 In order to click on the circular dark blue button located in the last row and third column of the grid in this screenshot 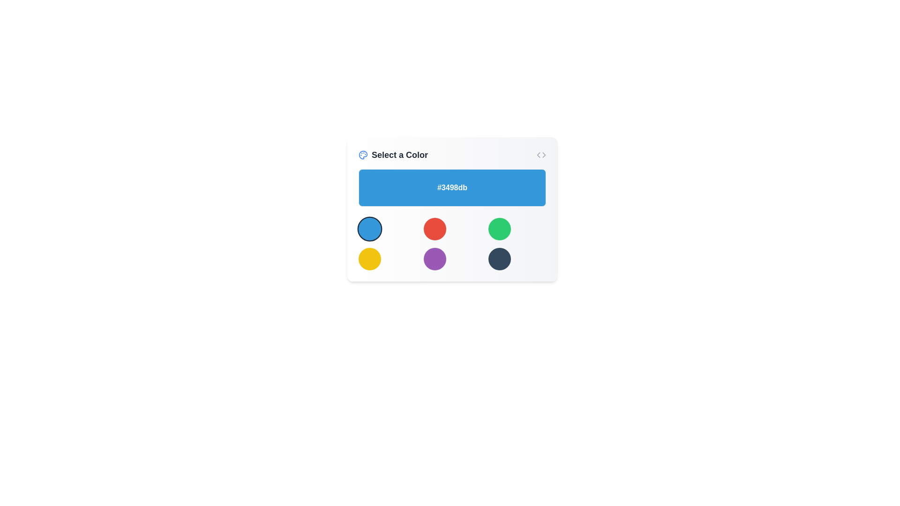, I will do `click(499, 259)`.